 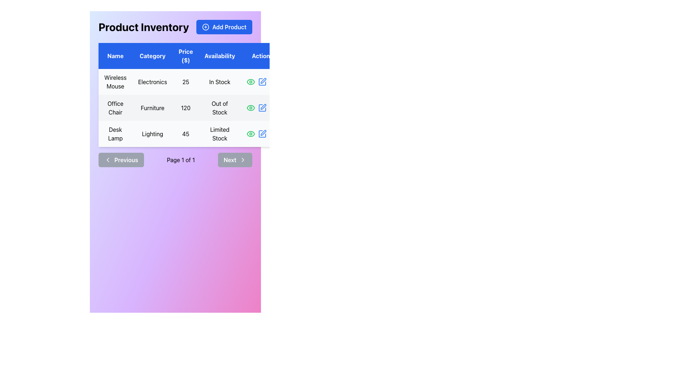 What do you see at coordinates (186, 108) in the screenshot?
I see `the Text Display Element that shows the price of the 'Office Chair' in the product inventory list, located in the 'Price ($)' column of the data table` at bounding box center [186, 108].